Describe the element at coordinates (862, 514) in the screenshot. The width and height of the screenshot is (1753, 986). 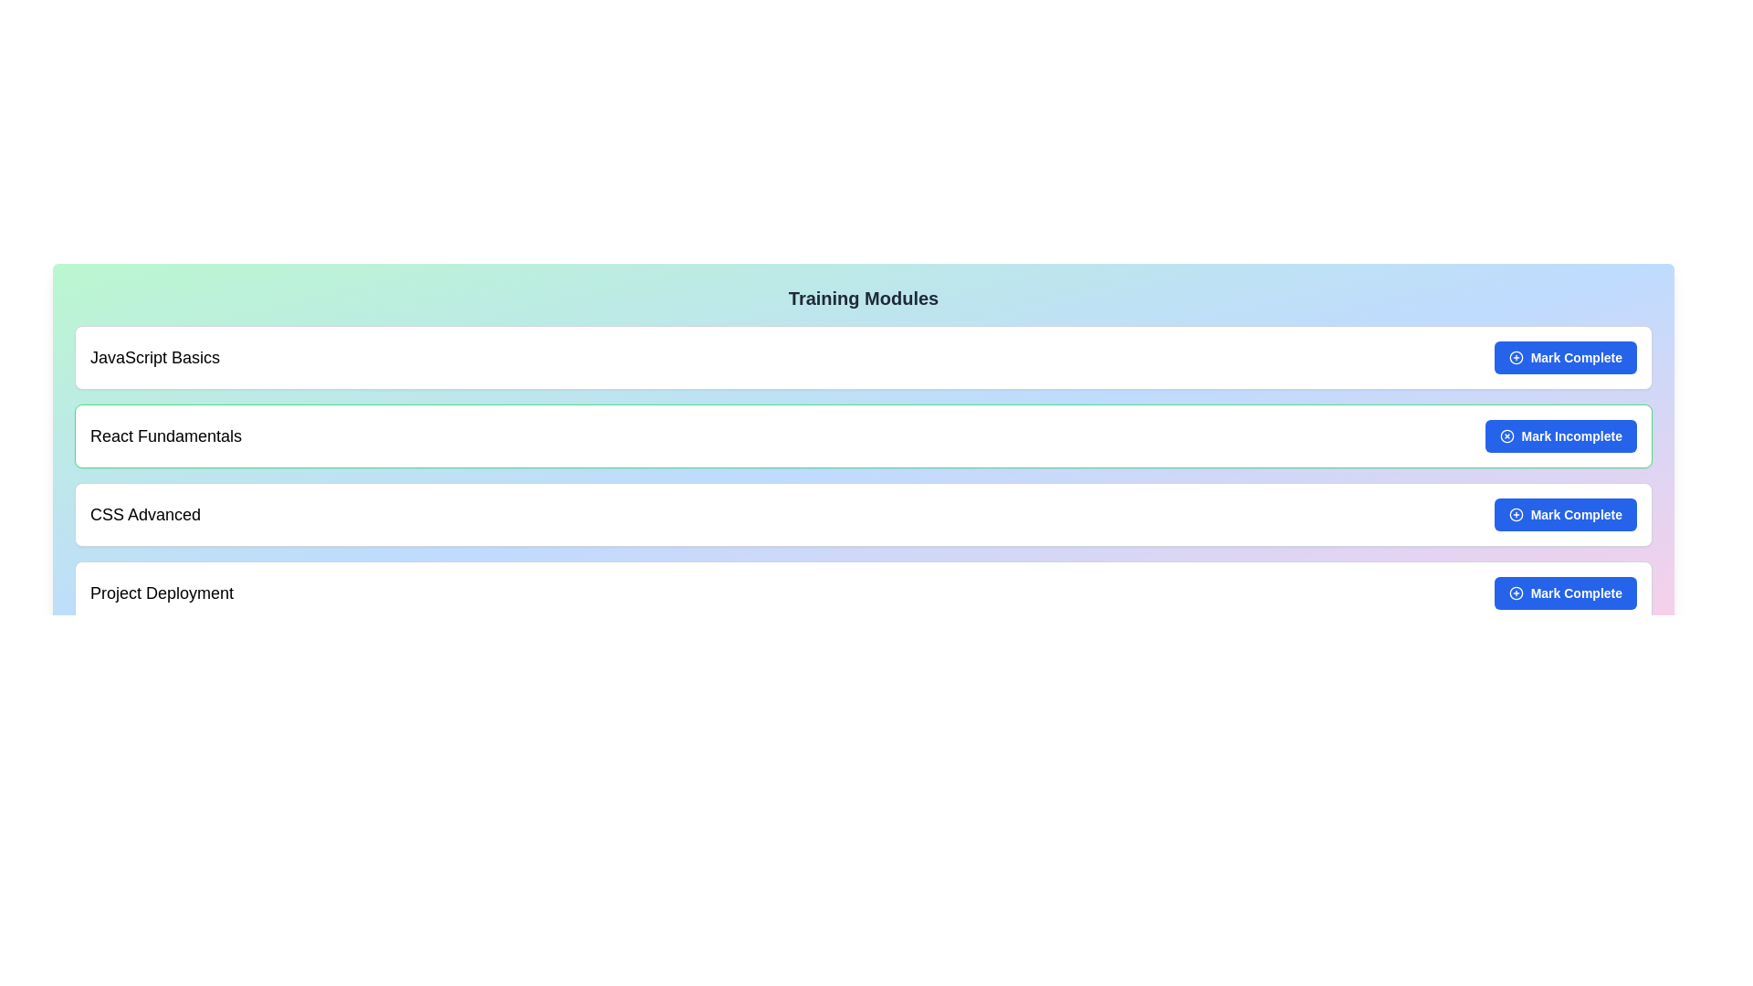
I see `module title 'CSS Advanced' from the third item in the vertically stacked list of modules` at that location.